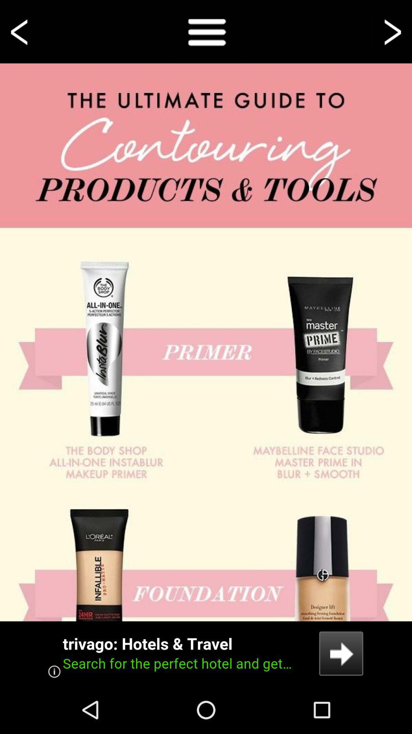 The height and width of the screenshot is (734, 412). What do you see at coordinates (391, 31) in the screenshot?
I see `go next` at bounding box center [391, 31].